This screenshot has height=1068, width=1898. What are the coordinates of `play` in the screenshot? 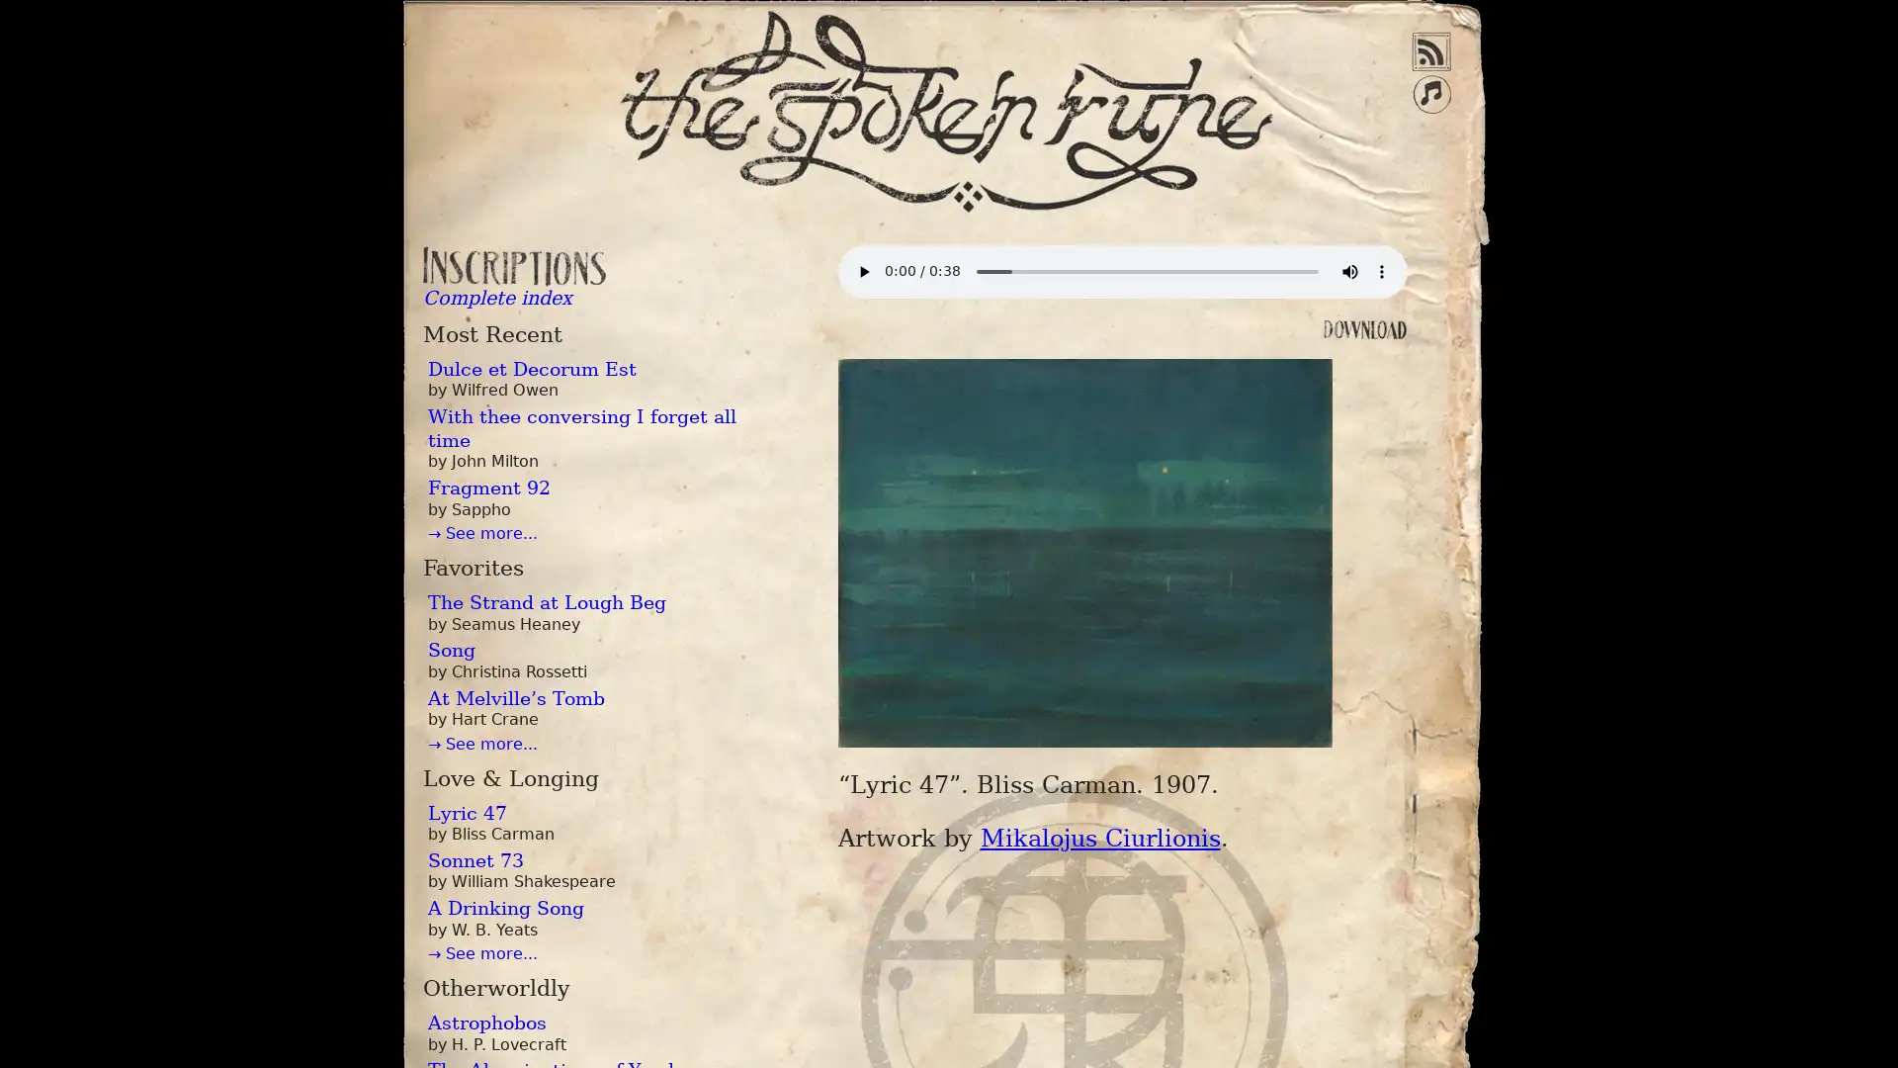 It's located at (863, 271).